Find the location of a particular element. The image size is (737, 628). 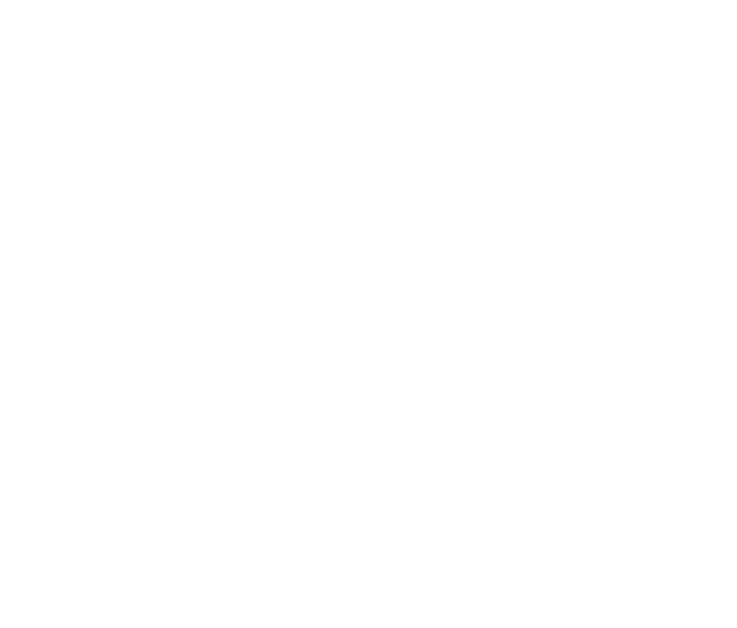

'Houses of Worship' is located at coordinates (99, 603).